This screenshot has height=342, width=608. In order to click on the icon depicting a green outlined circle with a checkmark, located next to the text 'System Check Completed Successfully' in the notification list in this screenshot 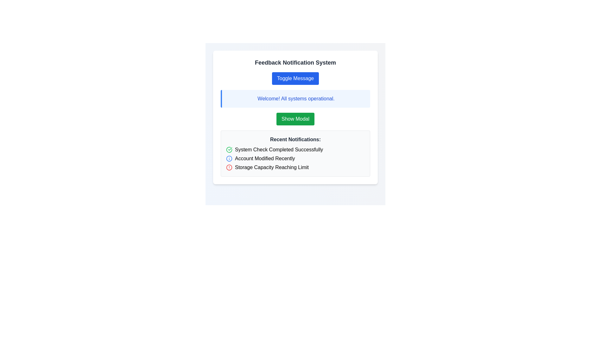, I will do `click(229, 150)`.